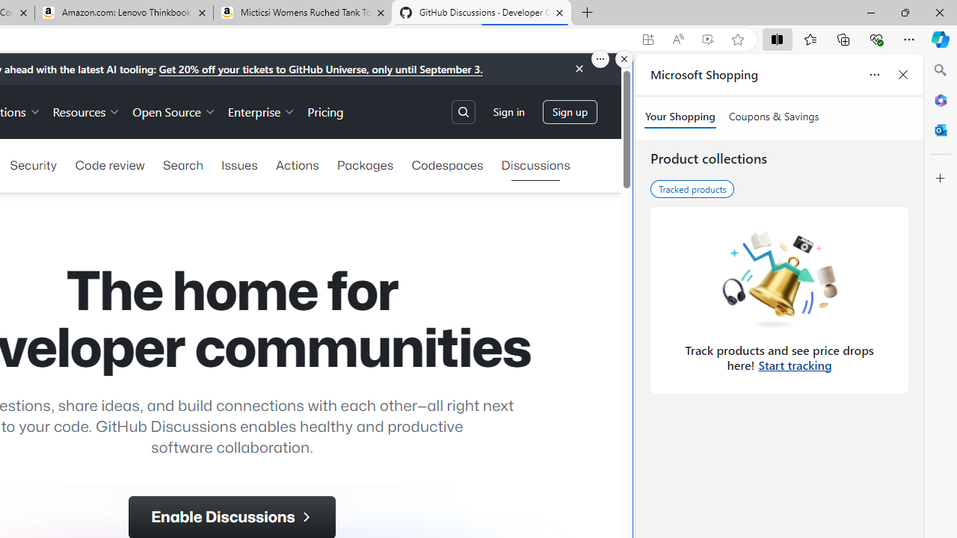  Describe the element at coordinates (365, 165) in the screenshot. I see `'Packages'` at that location.